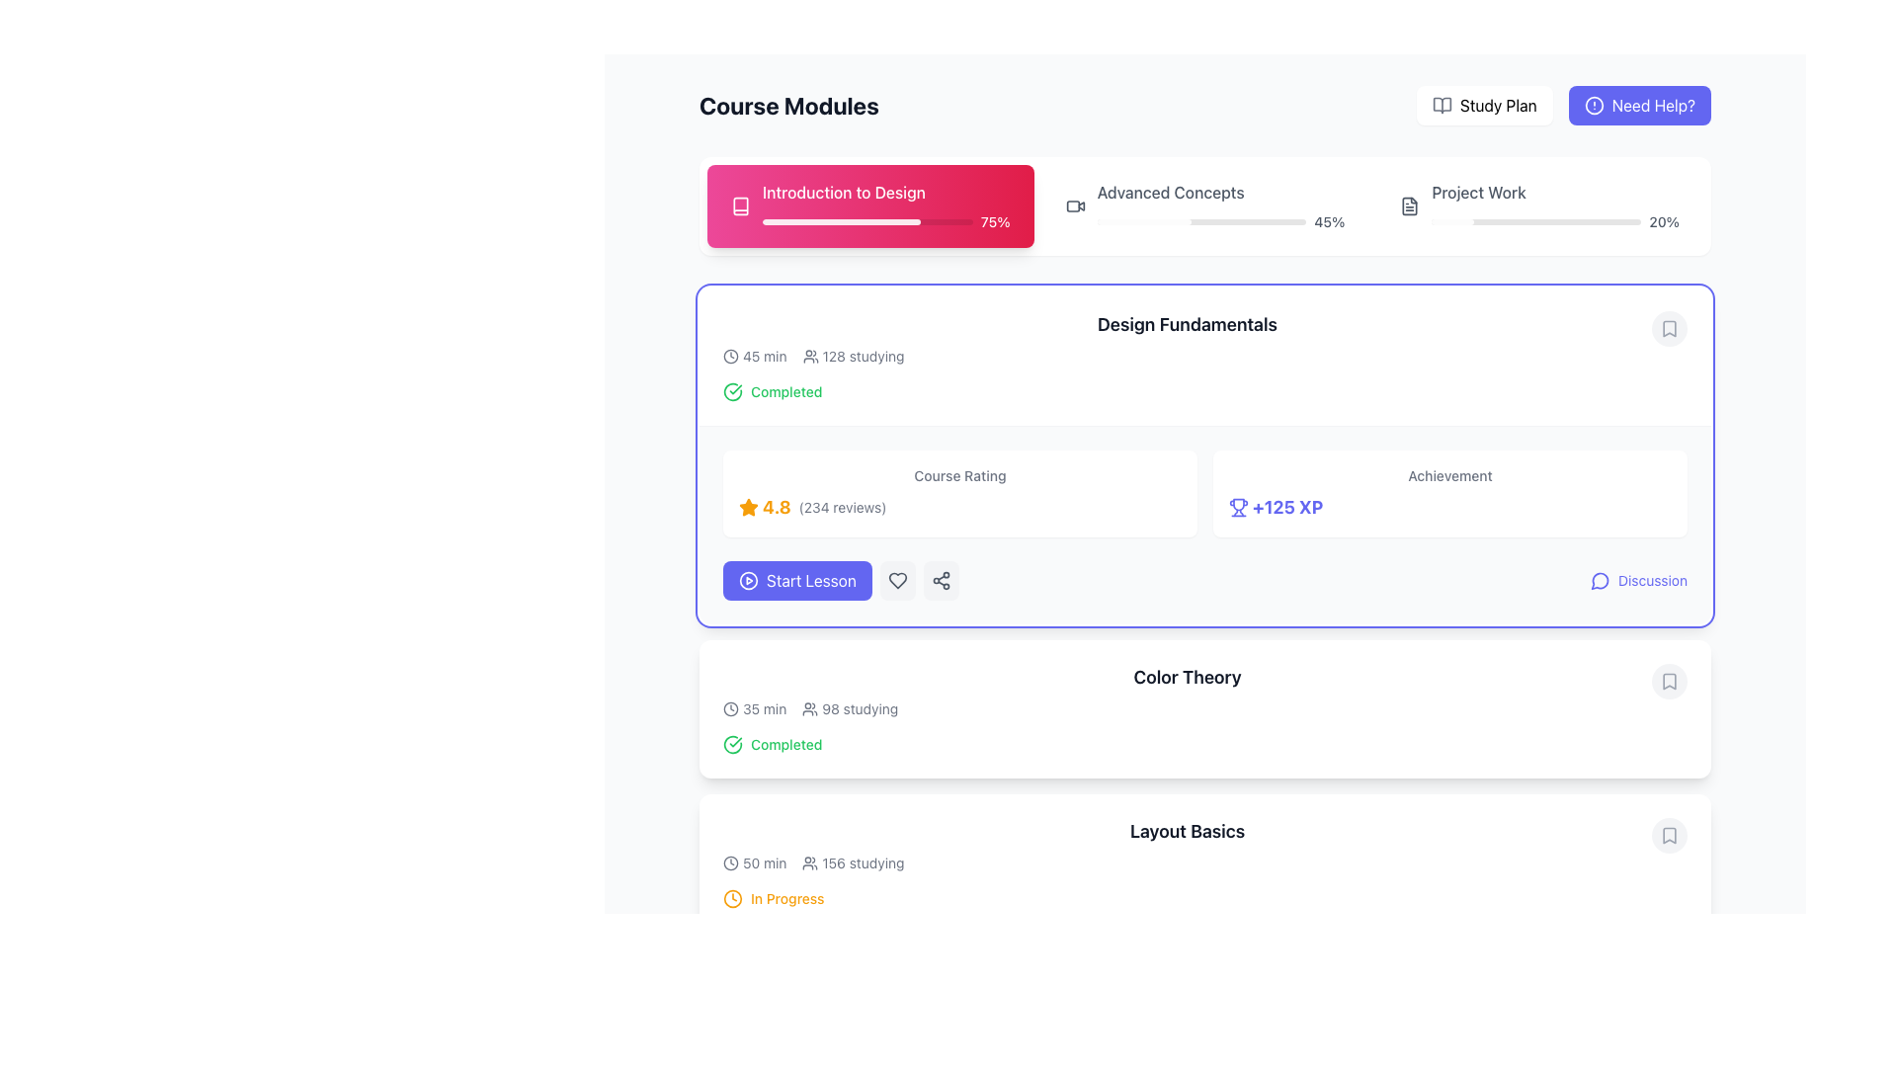 This screenshot has width=1897, height=1067. What do you see at coordinates (1653, 579) in the screenshot?
I see `the 'Discussion' text link located at the bottom-right corner of the 'Design Fundamentals' card` at bounding box center [1653, 579].